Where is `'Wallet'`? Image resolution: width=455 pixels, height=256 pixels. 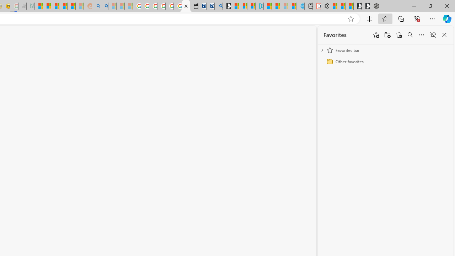 'Wallet' is located at coordinates (194, 6).